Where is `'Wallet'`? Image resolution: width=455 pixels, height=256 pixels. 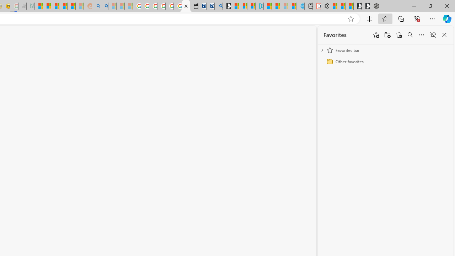 'Wallet' is located at coordinates (194, 6).